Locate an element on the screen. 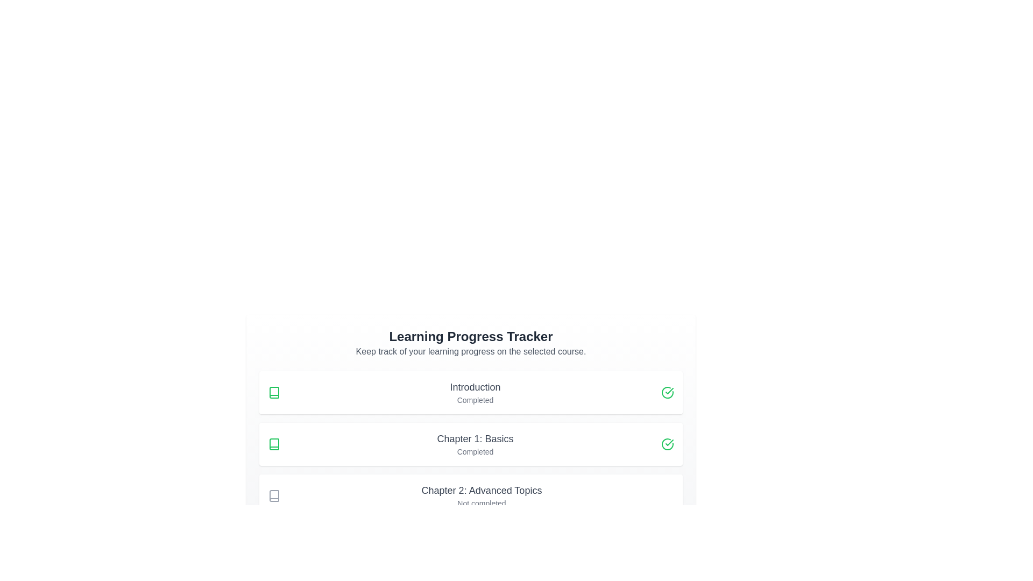 This screenshot has height=581, width=1033. structure of the first icon in the learning progress tracker, which is located to the left of the 'Introduction' text by using developer tools is located at coordinates (274, 392).